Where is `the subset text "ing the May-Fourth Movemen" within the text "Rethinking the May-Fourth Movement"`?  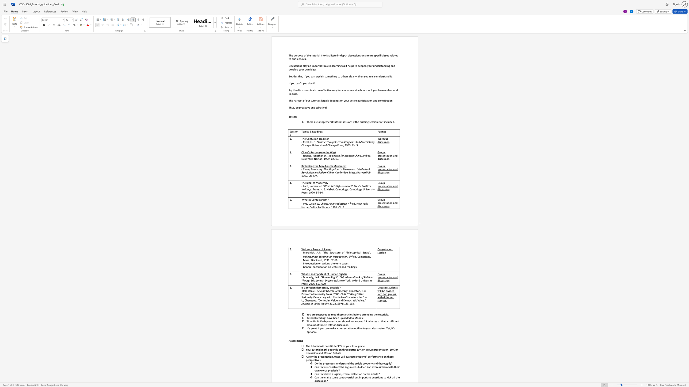
the subset text "ing the May-Fourth Movemen" within the text "Rethinking the May-Fourth Movement" is located at coordinates (310, 166).